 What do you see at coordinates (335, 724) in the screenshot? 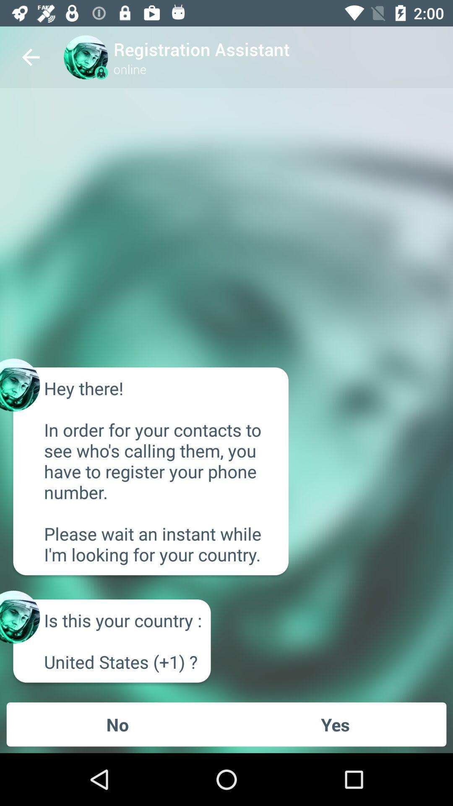
I see `the item at the bottom right corner` at bounding box center [335, 724].